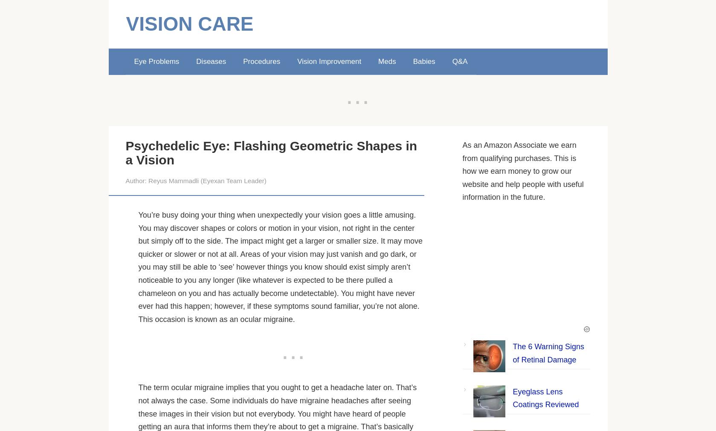  What do you see at coordinates (189, 23) in the screenshot?
I see `'VISION CARE'` at bounding box center [189, 23].